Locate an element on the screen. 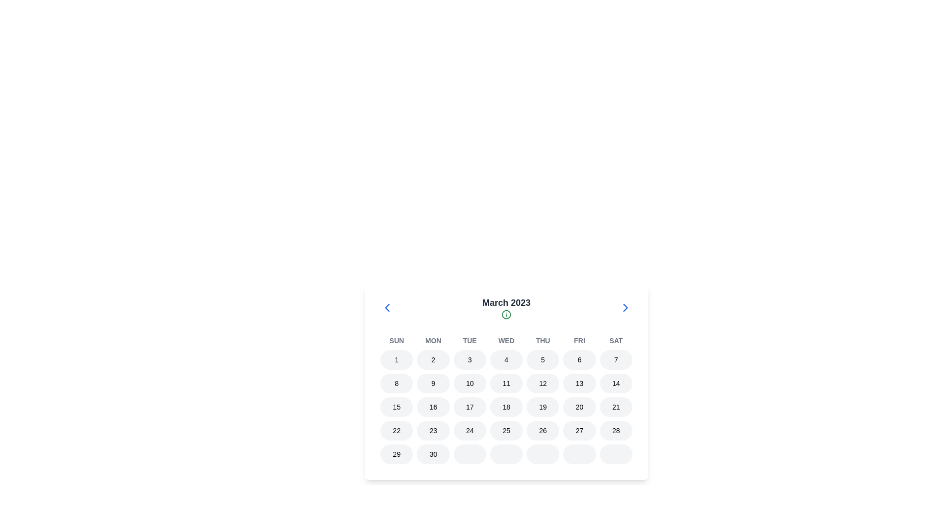 Image resolution: width=945 pixels, height=531 pixels. the selectable calendar day button labeled '15' in the date-picker interface is located at coordinates (397, 407).